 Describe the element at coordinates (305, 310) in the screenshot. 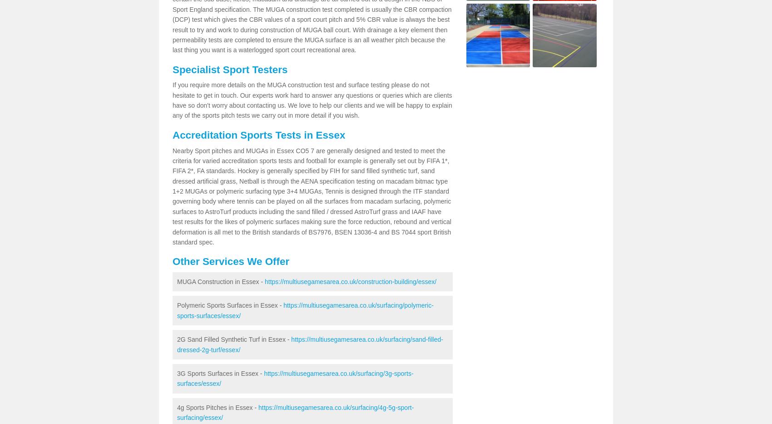

I see `'https://multiusegamesarea.co.uk/surfacing/polymeric-sports-surfaces/essex/'` at that location.